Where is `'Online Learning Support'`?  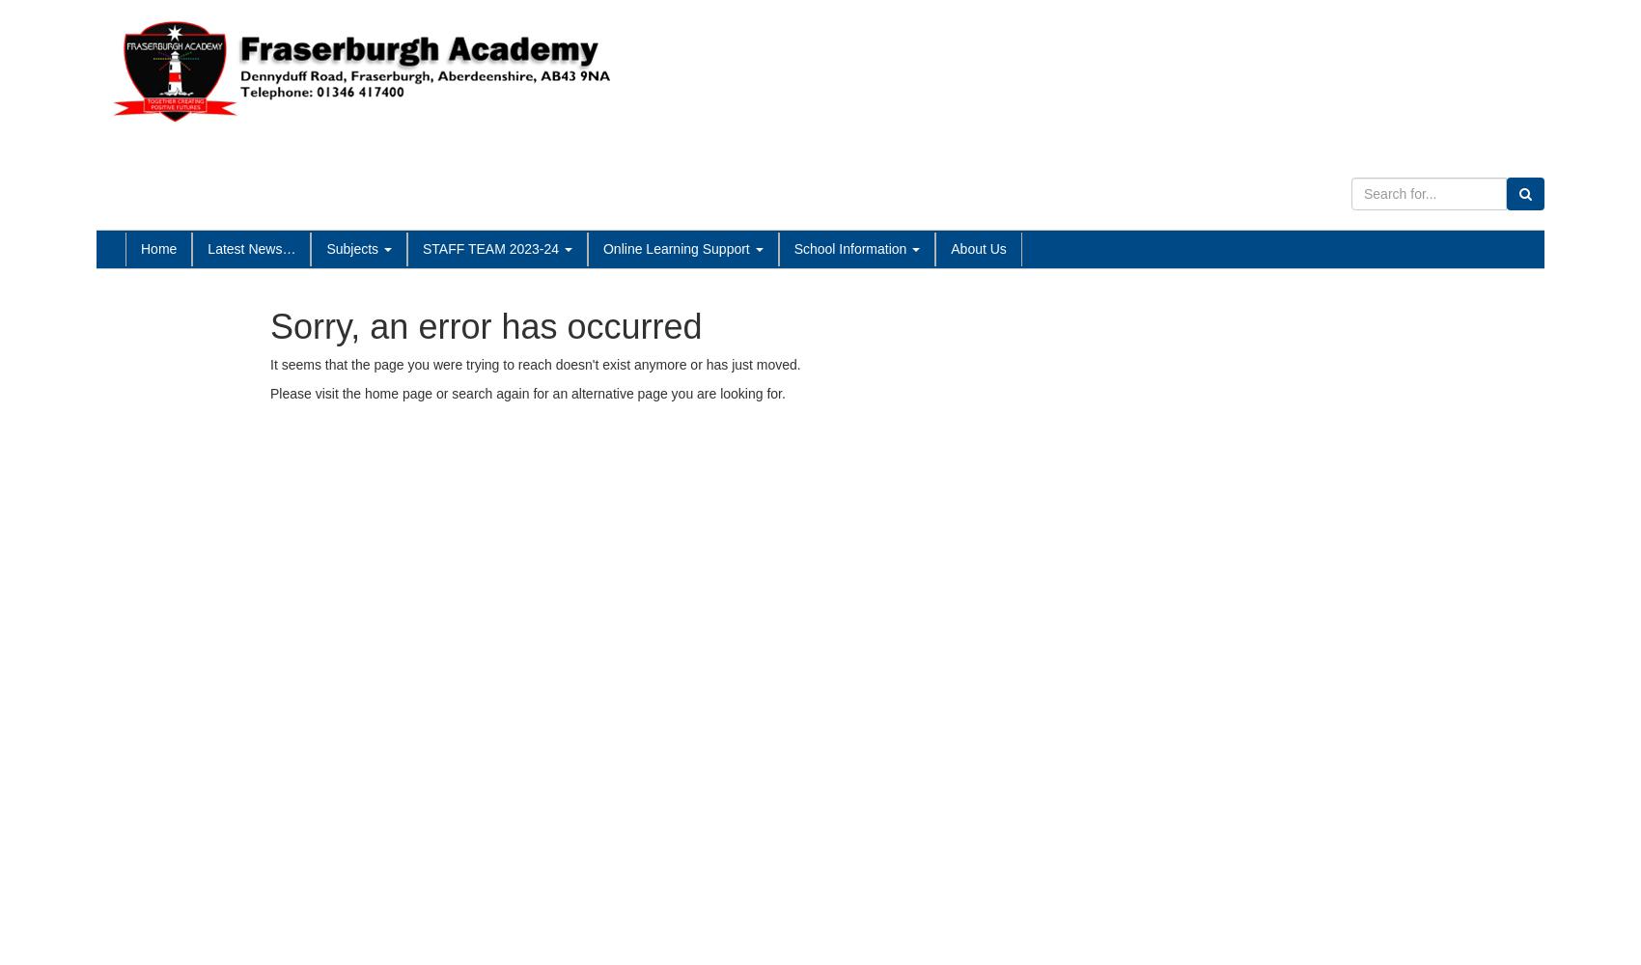
'Online Learning Support' is located at coordinates (677, 248).